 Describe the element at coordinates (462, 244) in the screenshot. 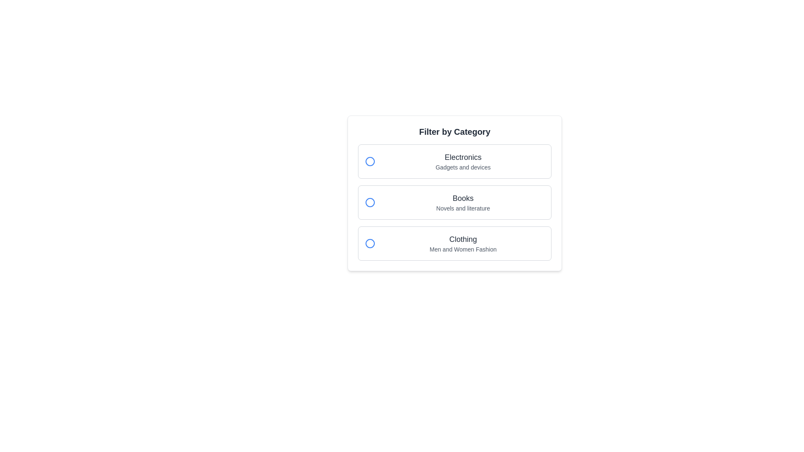

I see `the 'Clothing' category label in the filter options` at that location.